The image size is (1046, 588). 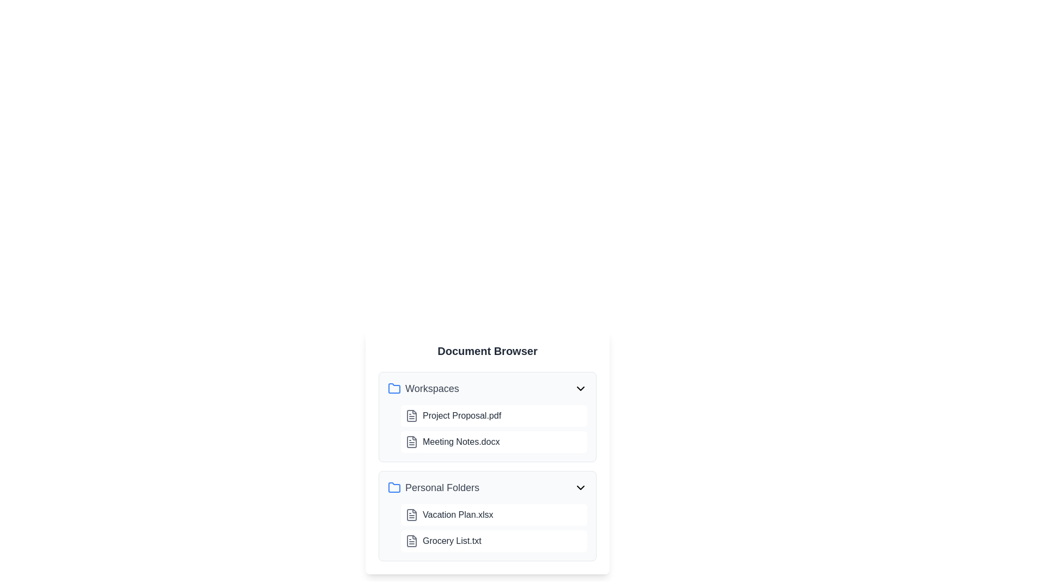 I want to click on the blue folder icon located to the left of the 'Personal Folders' text, so click(x=394, y=487).